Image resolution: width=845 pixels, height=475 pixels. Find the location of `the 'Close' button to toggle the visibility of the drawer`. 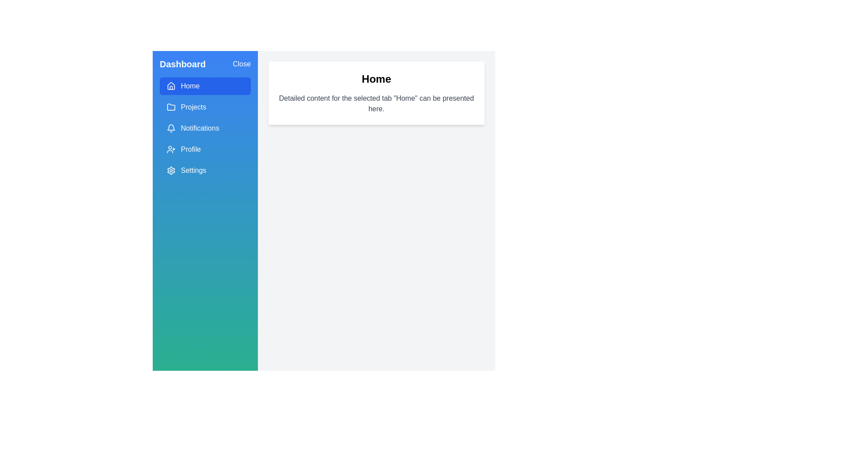

the 'Close' button to toggle the visibility of the drawer is located at coordinates (242, 64).